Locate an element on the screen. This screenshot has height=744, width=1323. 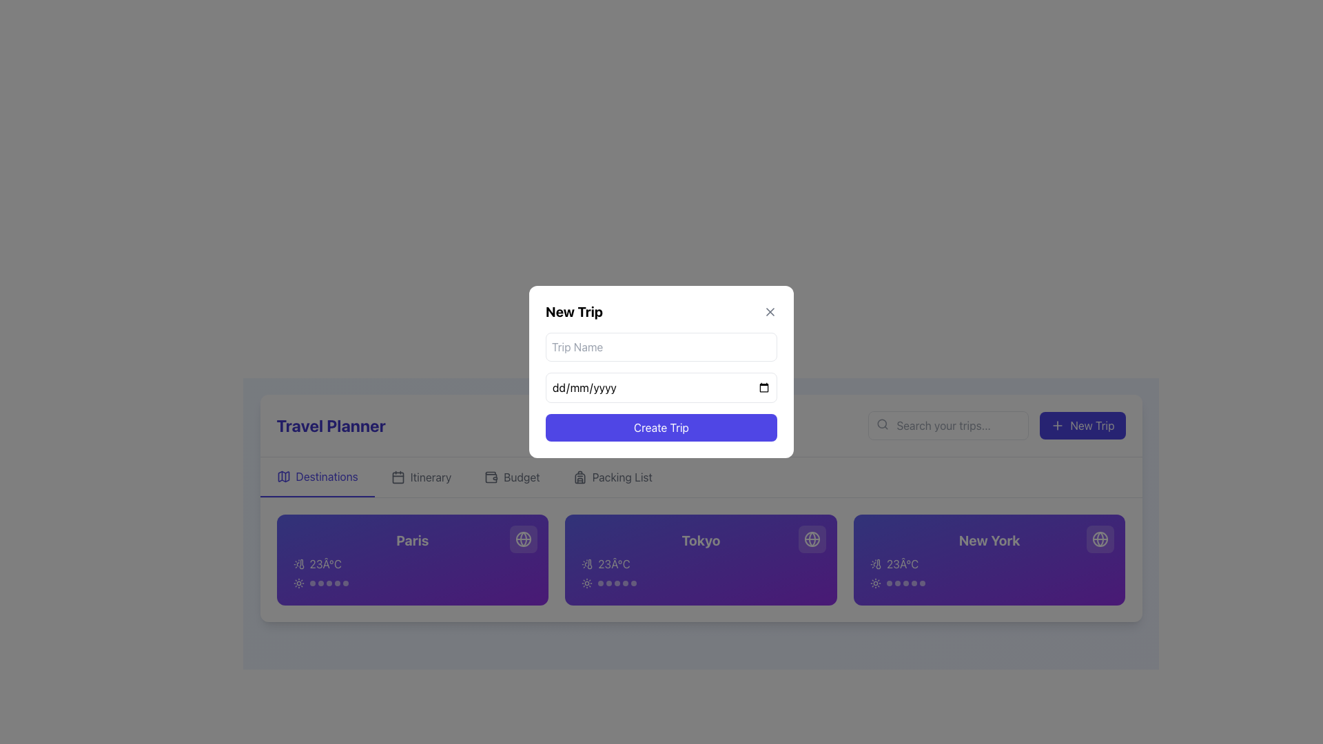
the visual updates or animations of the Progress indicator located at the bottom of the 'New York' card, beneath the temperature indicator '23°C' is located at coordinates (989, 583).